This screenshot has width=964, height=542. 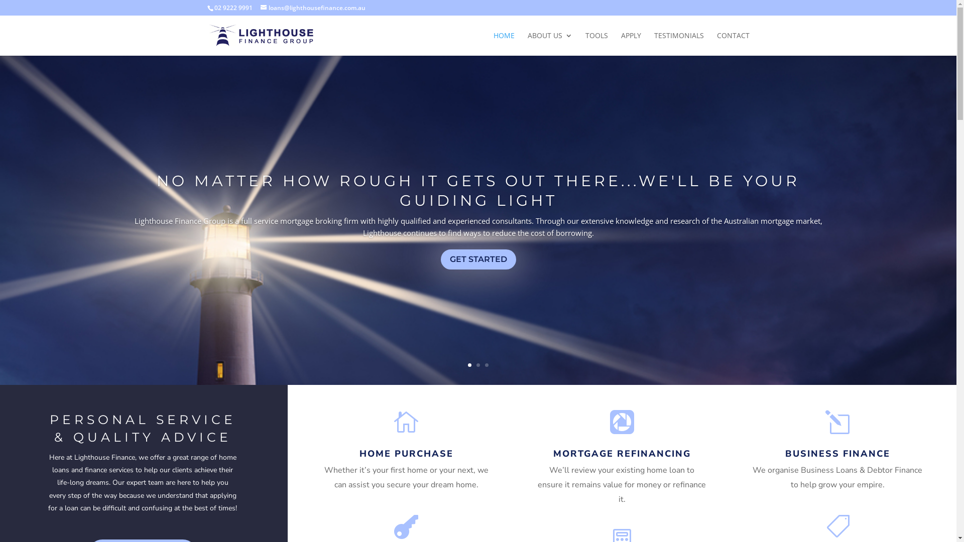 I want to click on 'HOME', so click(x=504, y=43).